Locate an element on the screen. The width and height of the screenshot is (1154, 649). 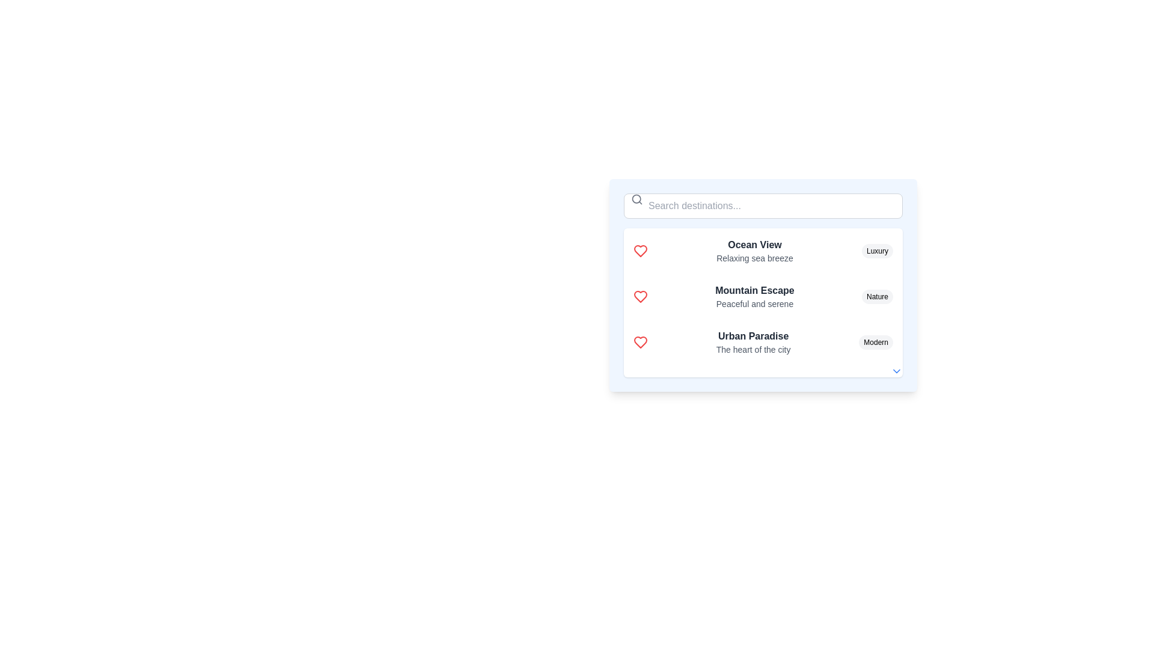
the descriptive text label providing information for 'Mountain Escape', located under the item in a vertical list is located at coordinates (754, 303).